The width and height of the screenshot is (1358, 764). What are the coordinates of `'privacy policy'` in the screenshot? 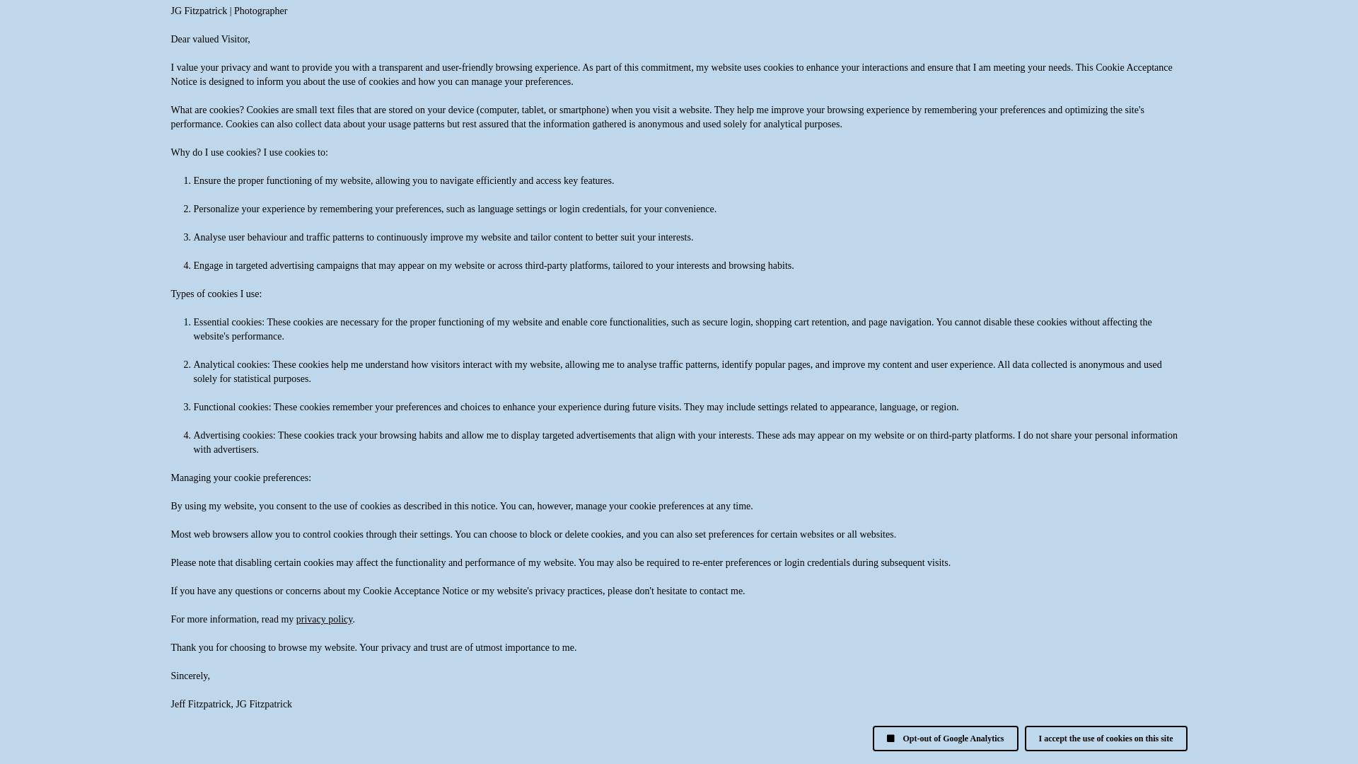 It's located at (295, 618).